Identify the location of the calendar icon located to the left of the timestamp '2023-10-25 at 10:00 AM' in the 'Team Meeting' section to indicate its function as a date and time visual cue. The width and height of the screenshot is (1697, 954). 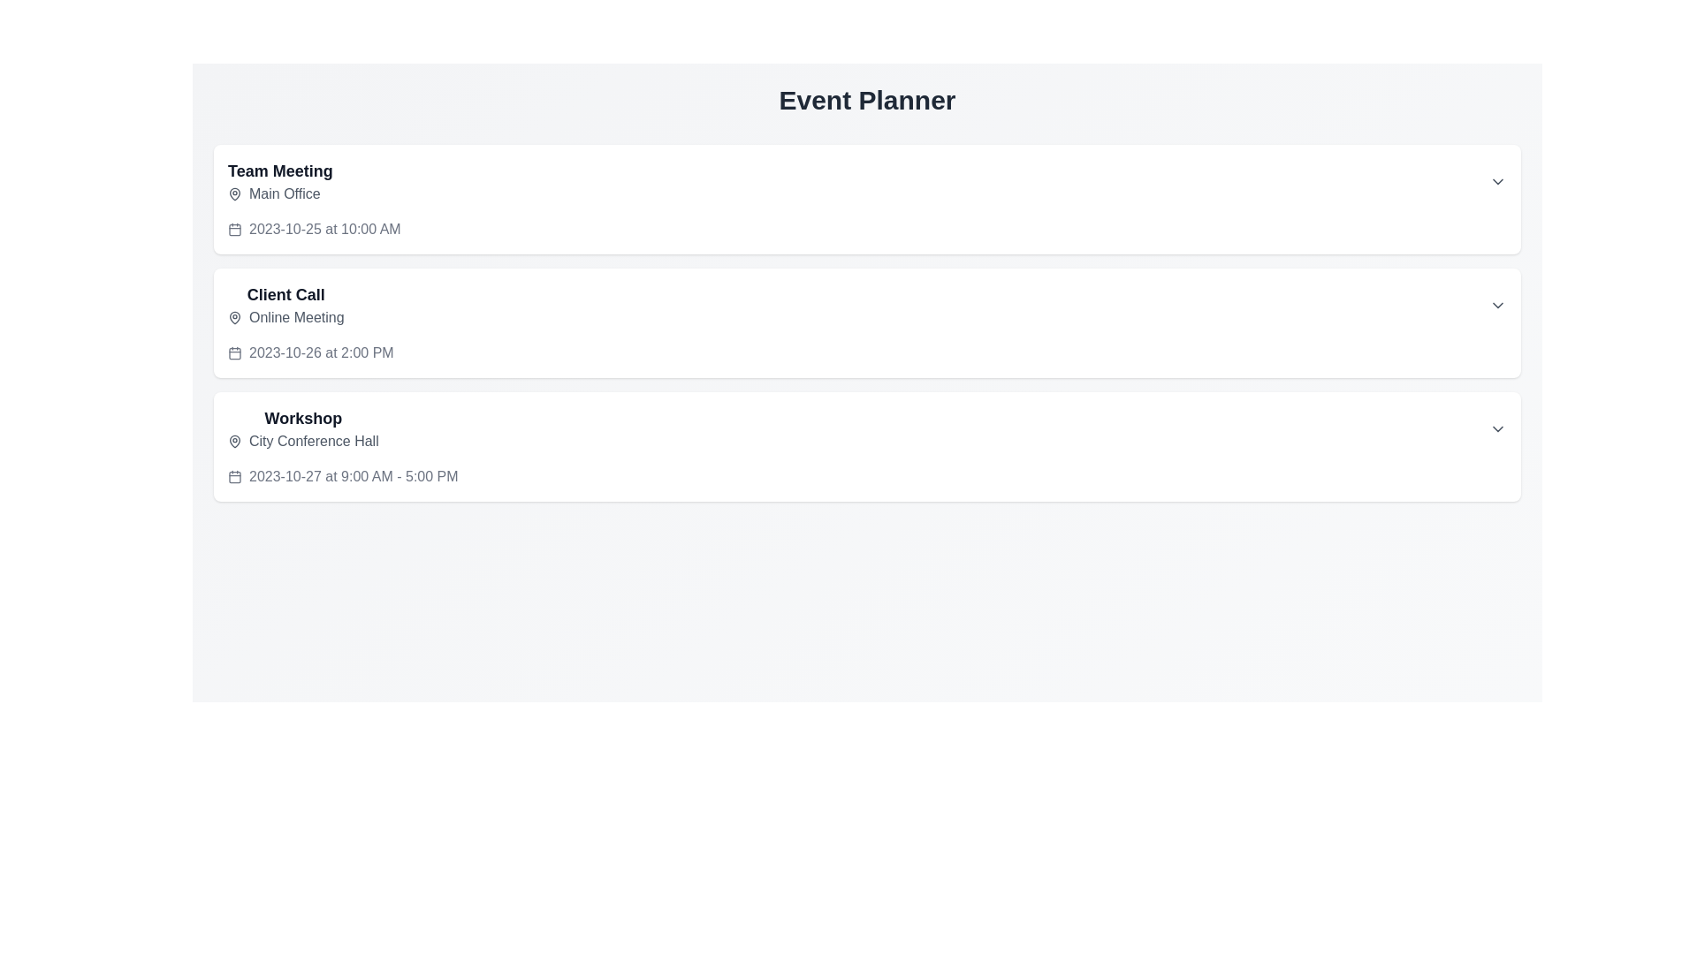
(233, 228).